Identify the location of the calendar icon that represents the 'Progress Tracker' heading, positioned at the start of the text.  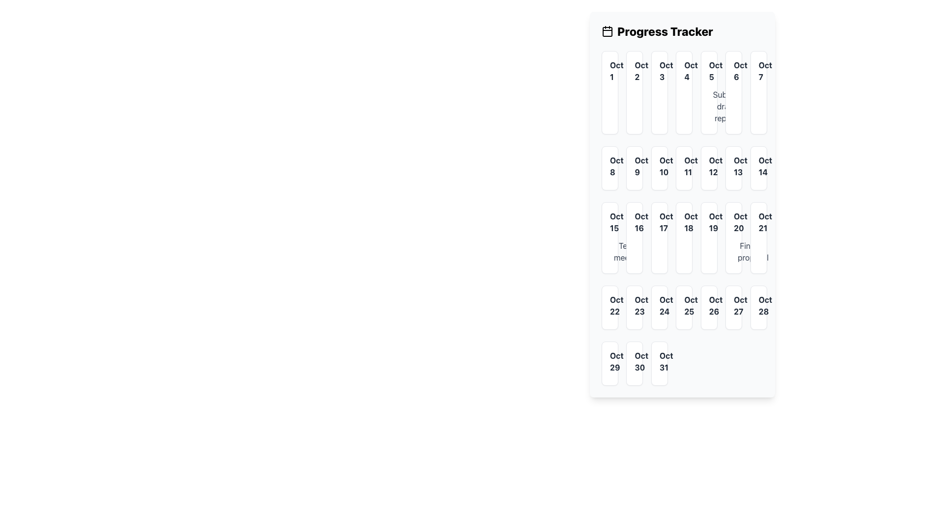
(607, 31).